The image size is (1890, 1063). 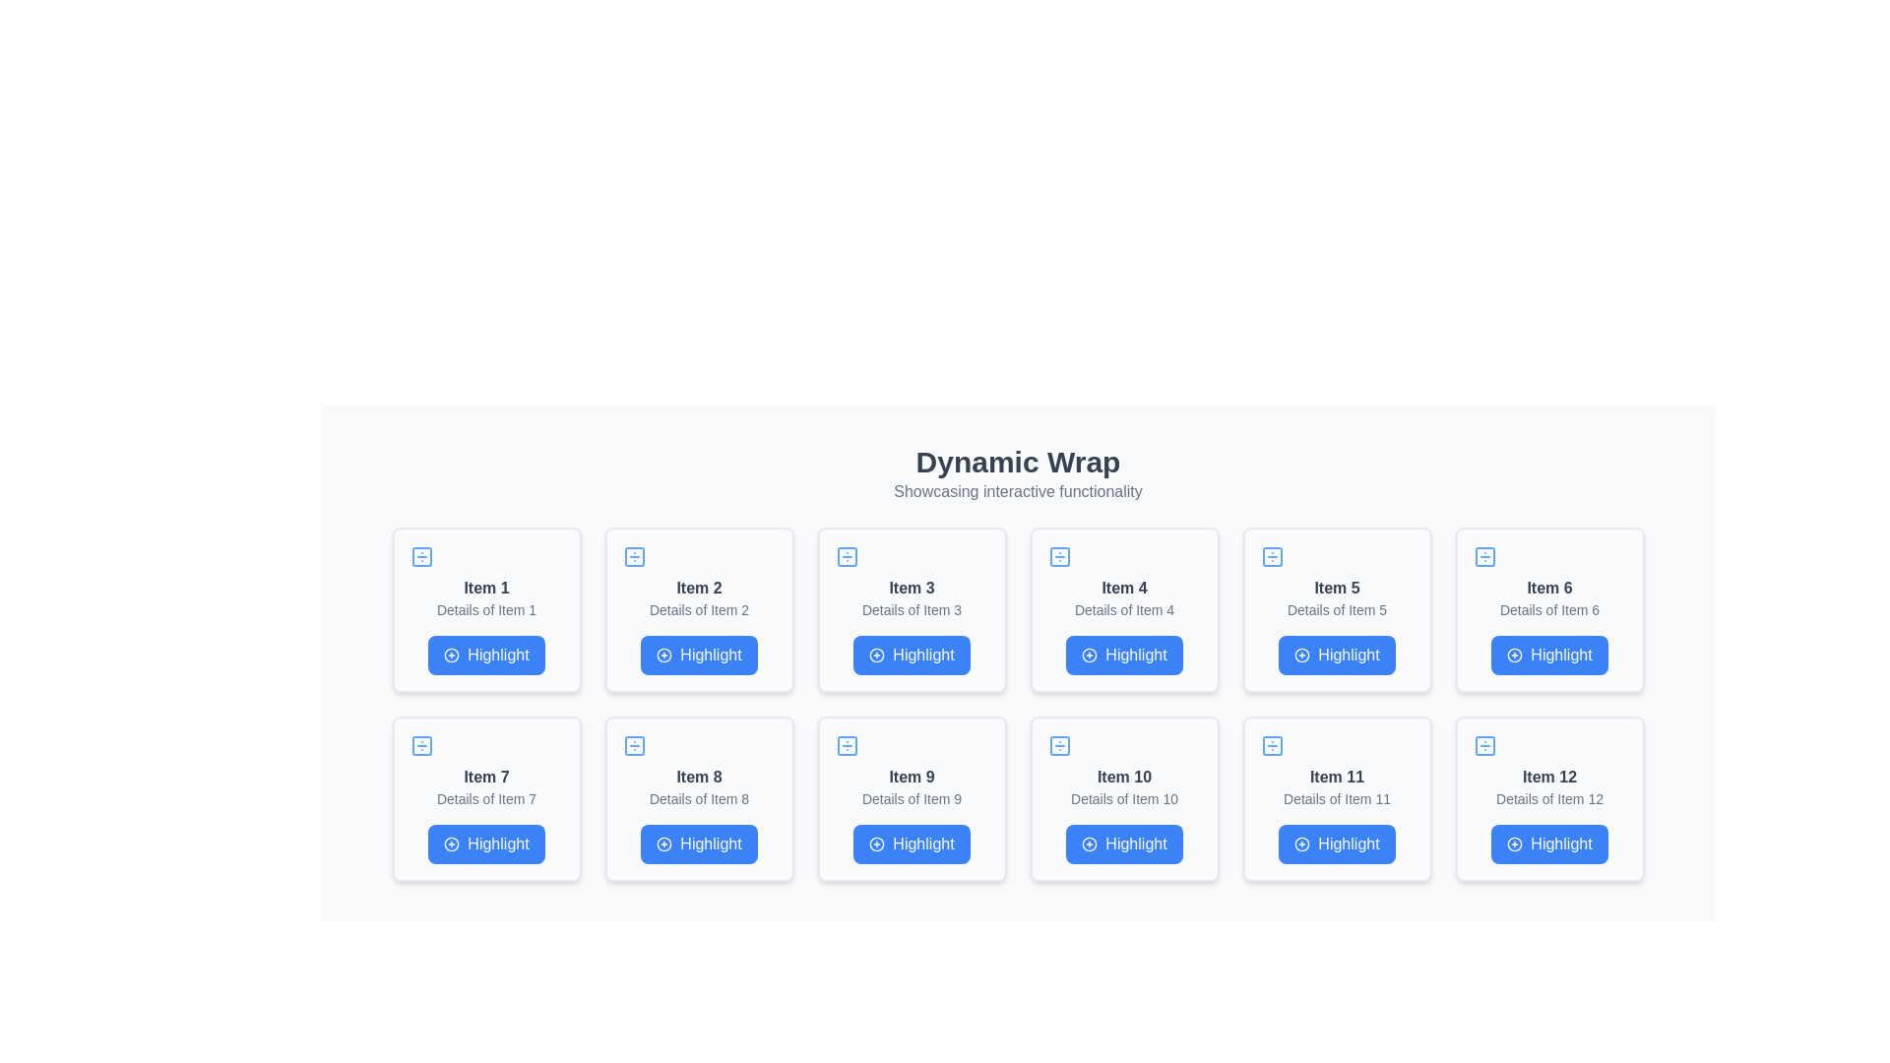 What do you see at coordinates (420, 557) in the screenshot?
I see `the division icon located in the upper-left card labeled 'Item 1', positioned centrally horizontally near the top edge` at bounding box center [420, 557].